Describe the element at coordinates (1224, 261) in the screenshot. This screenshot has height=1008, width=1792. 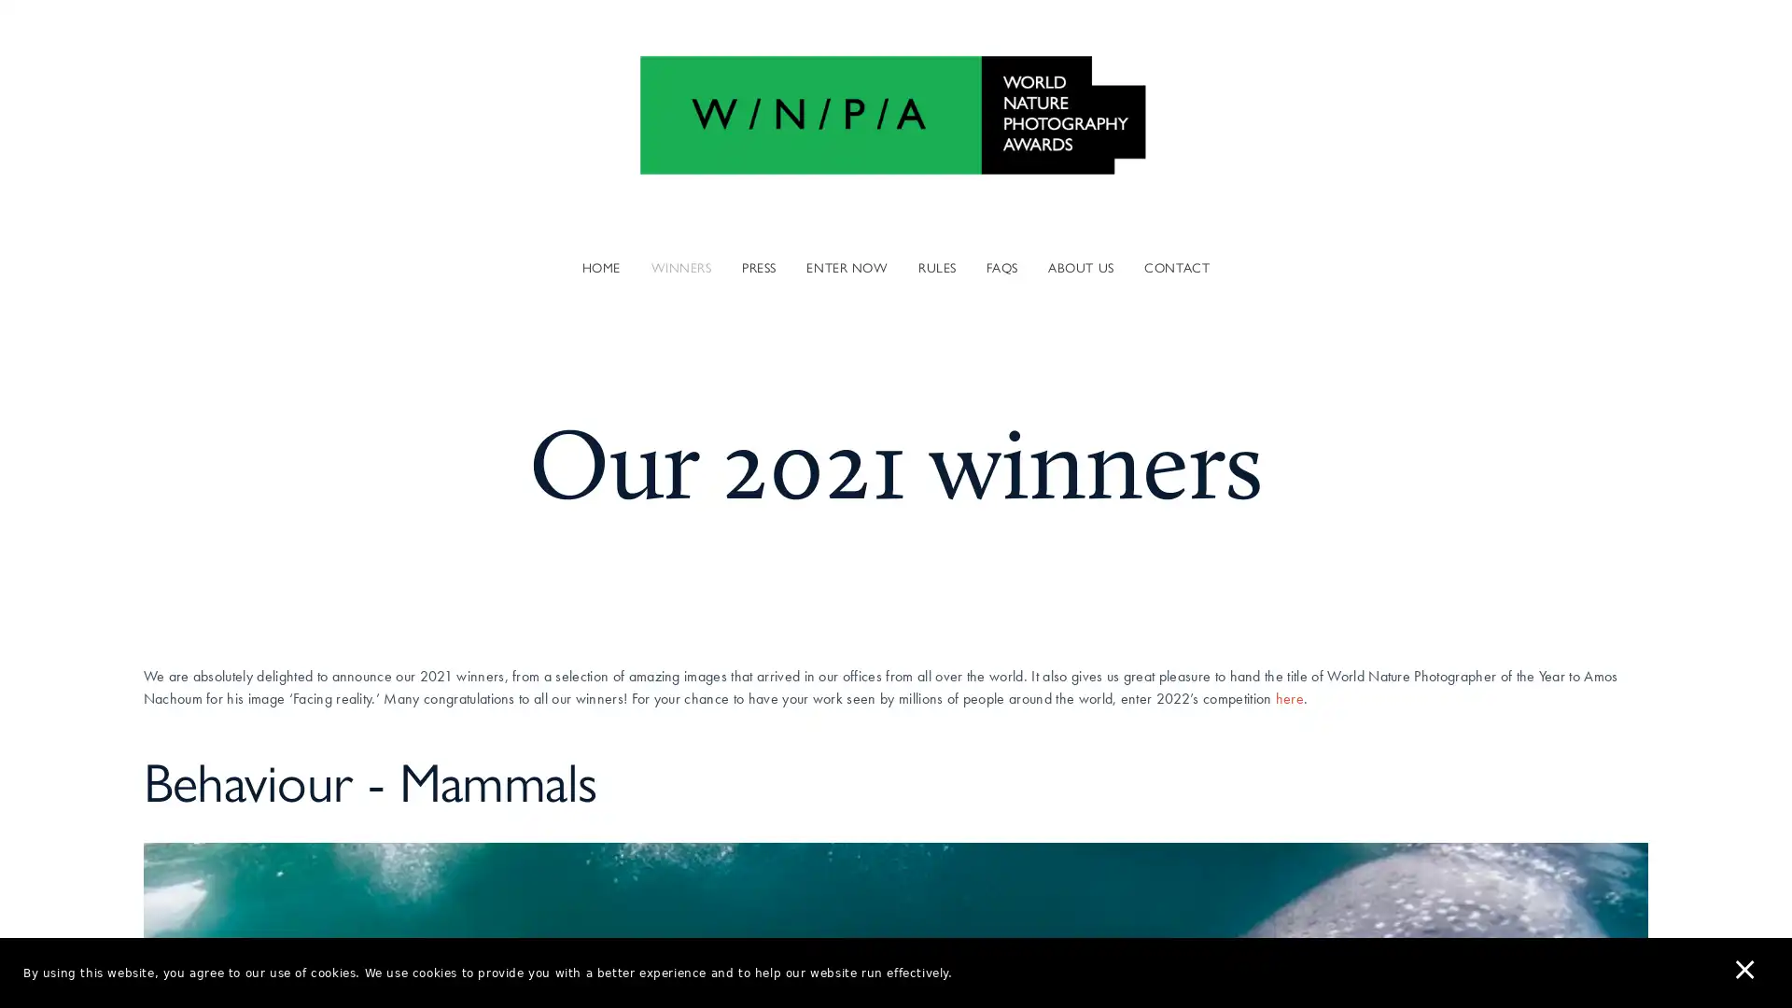
I see `Close` at that location.